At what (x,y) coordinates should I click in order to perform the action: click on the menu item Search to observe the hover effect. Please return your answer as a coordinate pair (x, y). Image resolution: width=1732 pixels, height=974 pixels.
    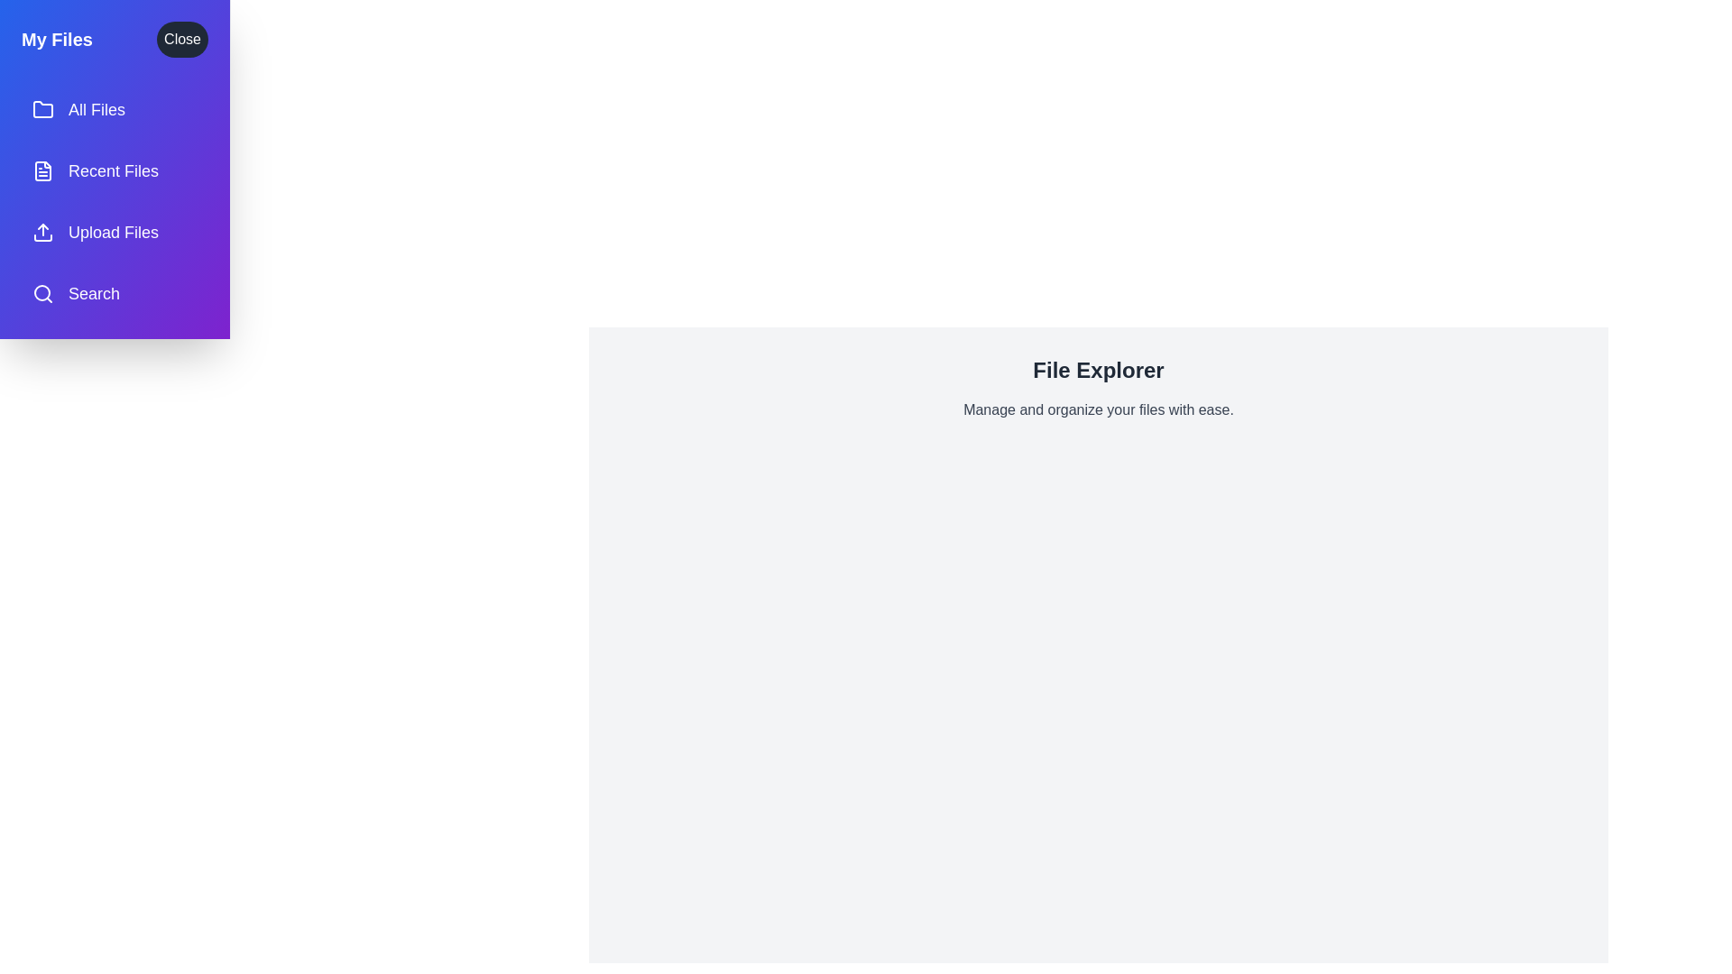
    Looking at the image, I should click on (114, 293).